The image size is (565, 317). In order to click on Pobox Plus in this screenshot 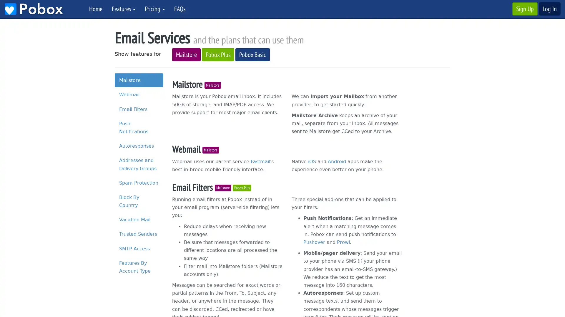, I will do `click(242, 188)`.